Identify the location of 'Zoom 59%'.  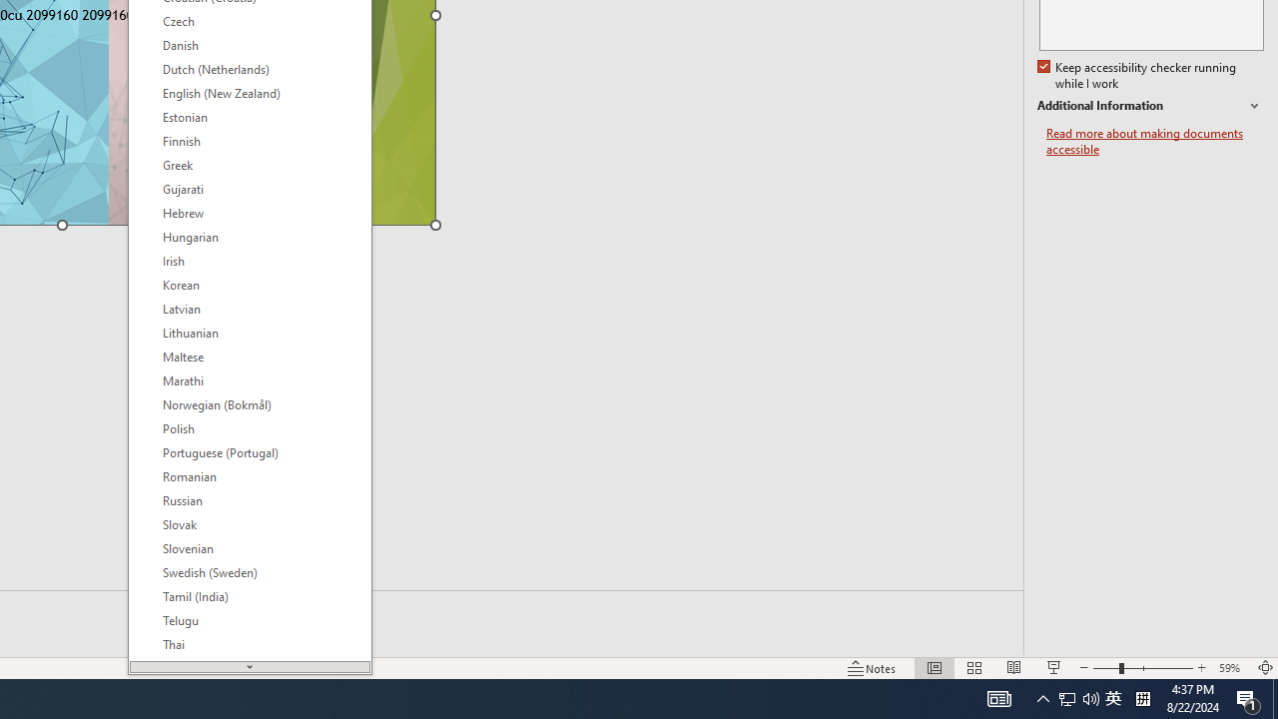
(1231, 668).